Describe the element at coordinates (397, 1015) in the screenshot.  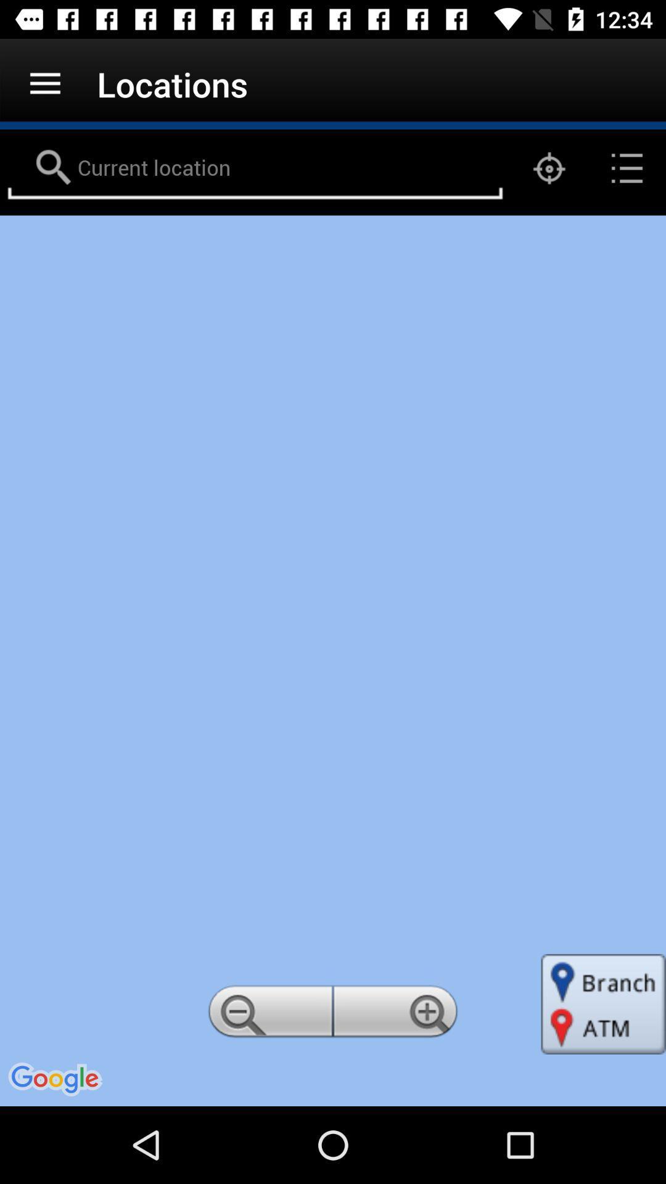
I see `zoom` at that location.